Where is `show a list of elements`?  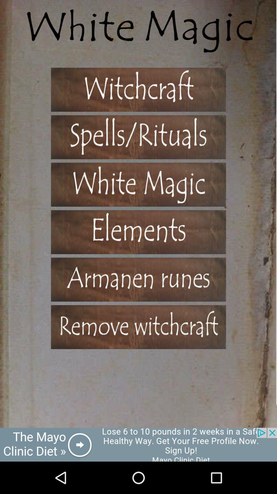
show a list of elements is located at coordinates (138, 232).